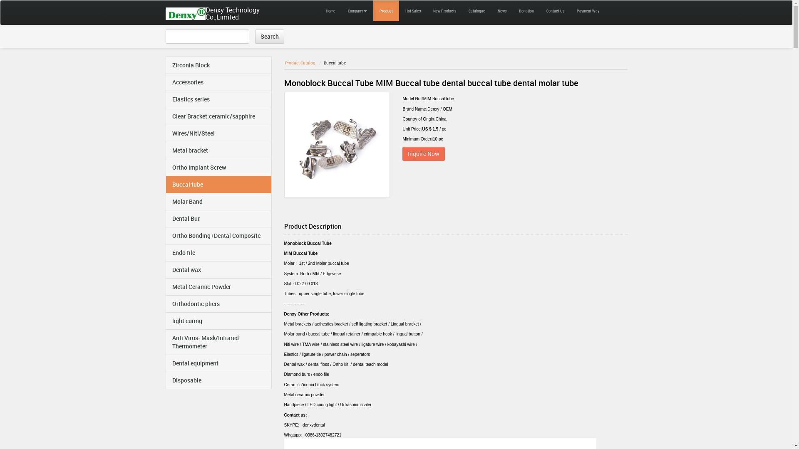  Describe the element at coordinates (476, 11) in the screenshot. I see `'Catalogue'` at that location.